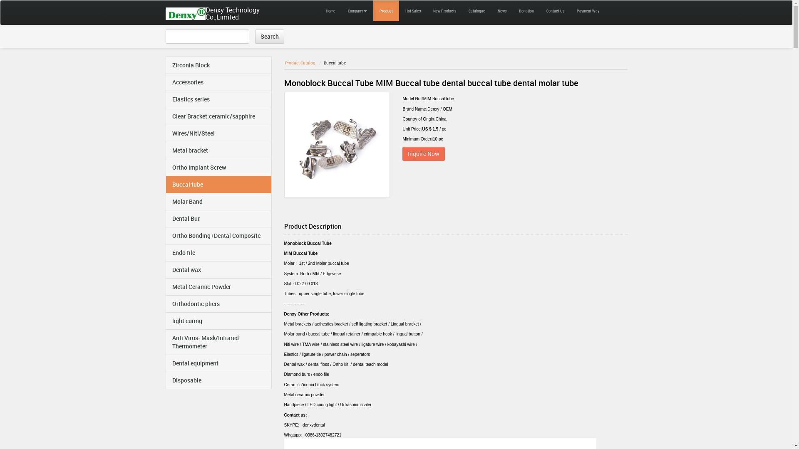  Describe the element at coordinates (476, 11) in the screenshot. I see `'Catalogue'` at that location.